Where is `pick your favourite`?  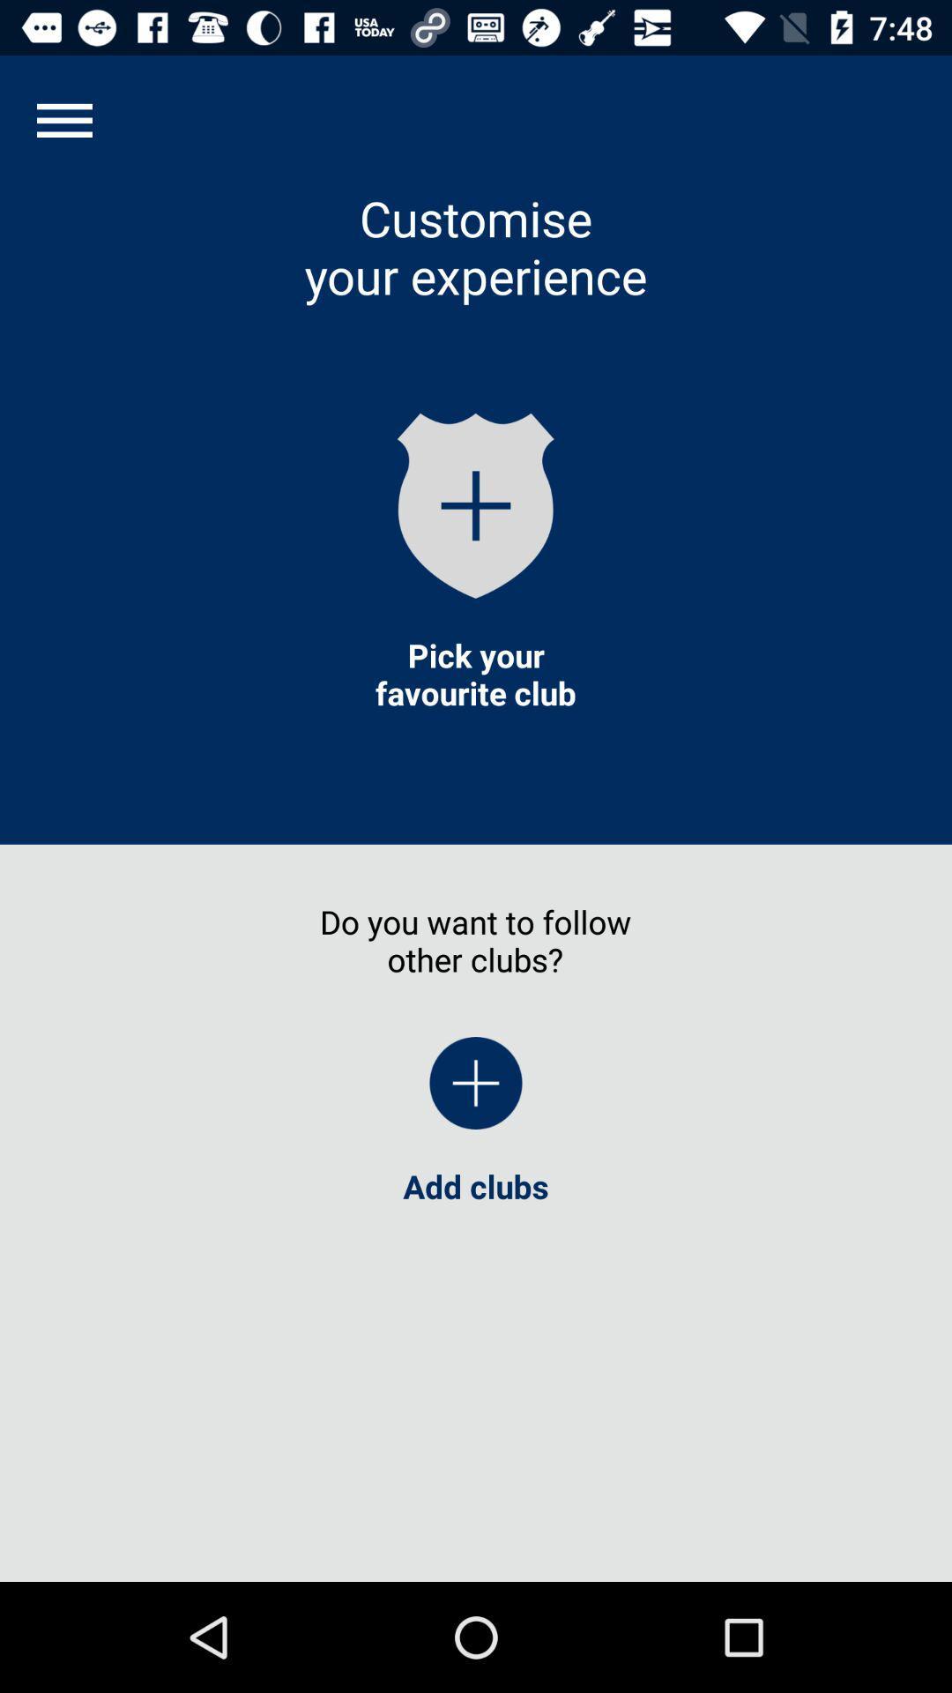 pick your favourite is located at coordinates (476, 673).